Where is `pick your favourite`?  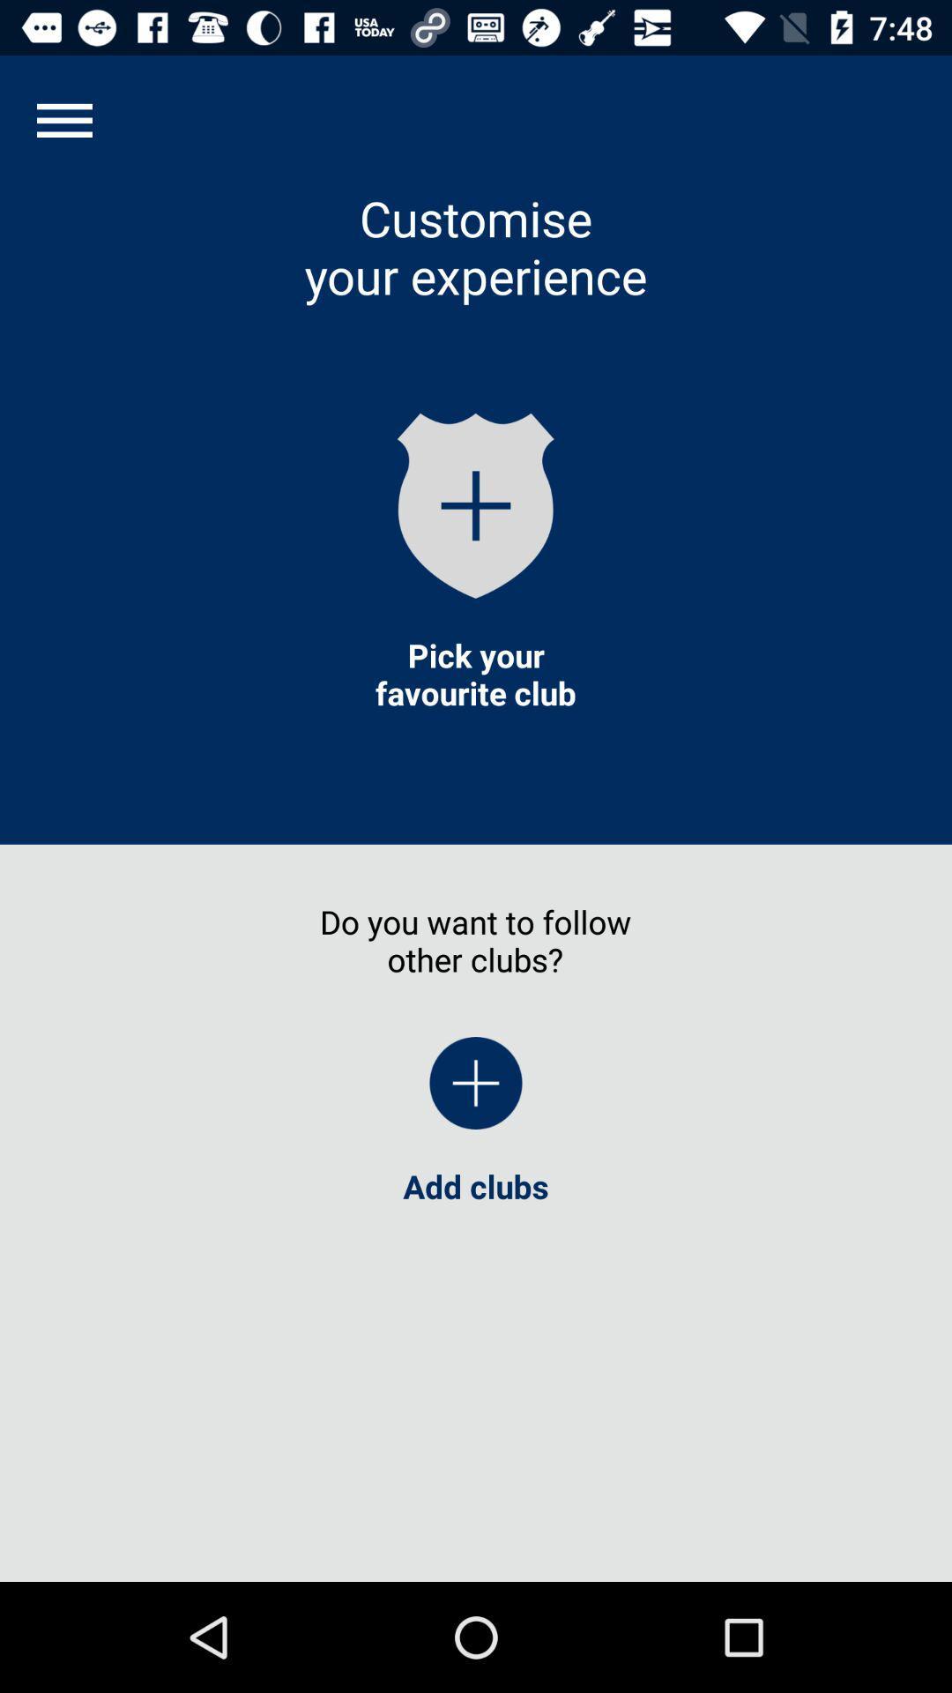 pick your favourite is located at coordinates (476, 673).